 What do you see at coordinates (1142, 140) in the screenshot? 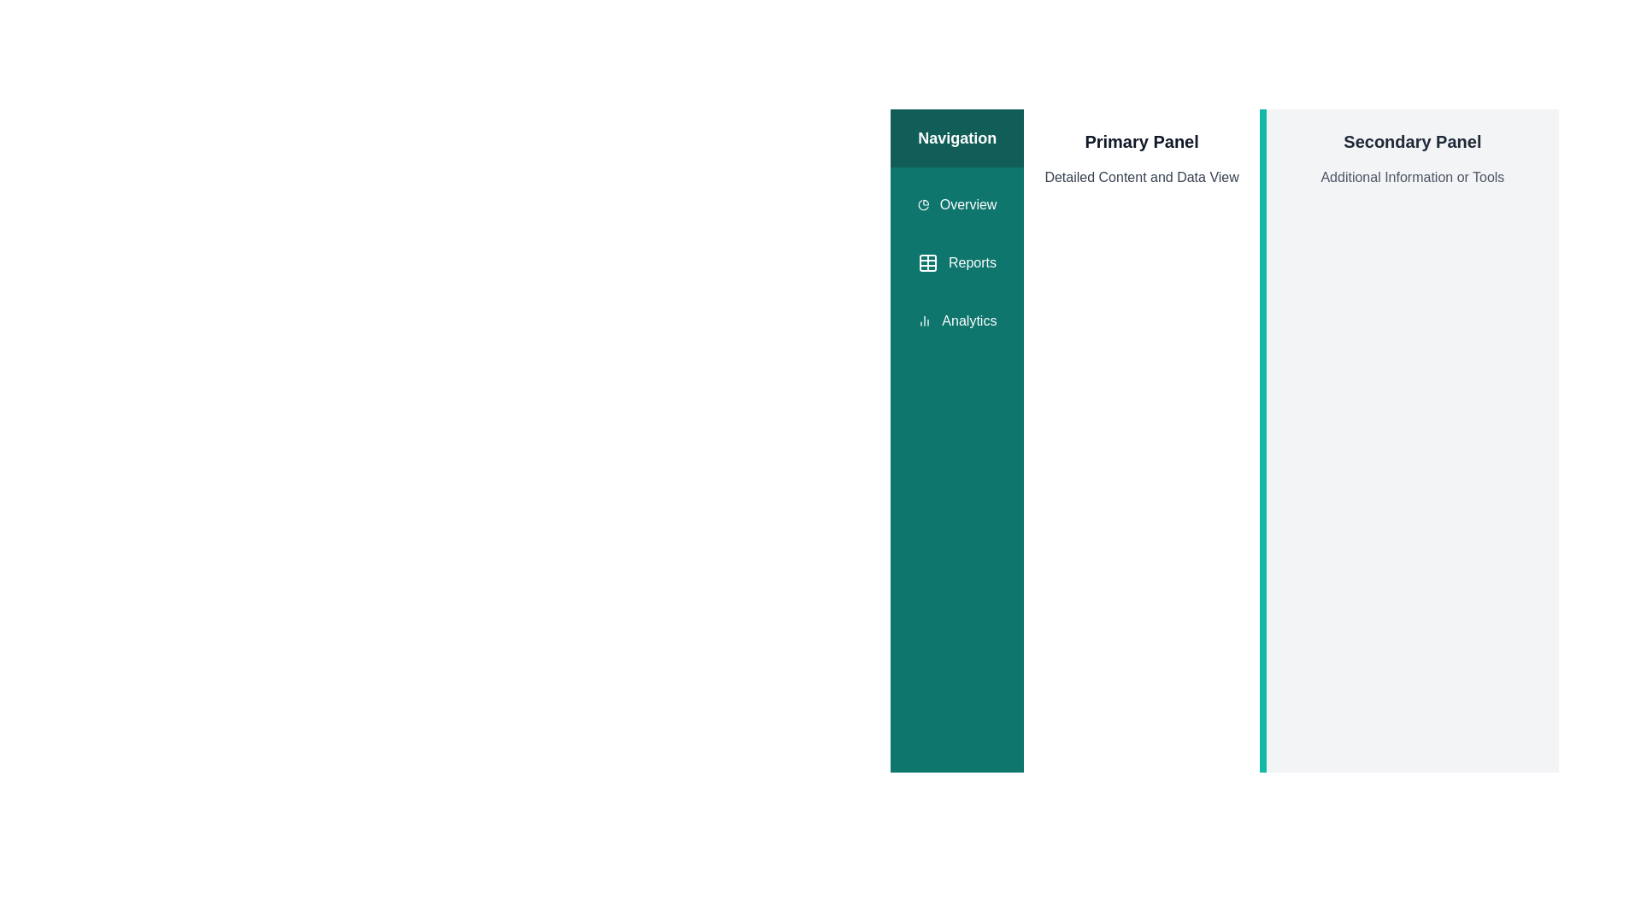
I see `the heading element that serves as the title or main focus of this section, located near the top center of the larger white background section` at bounding box center [1142, 140].